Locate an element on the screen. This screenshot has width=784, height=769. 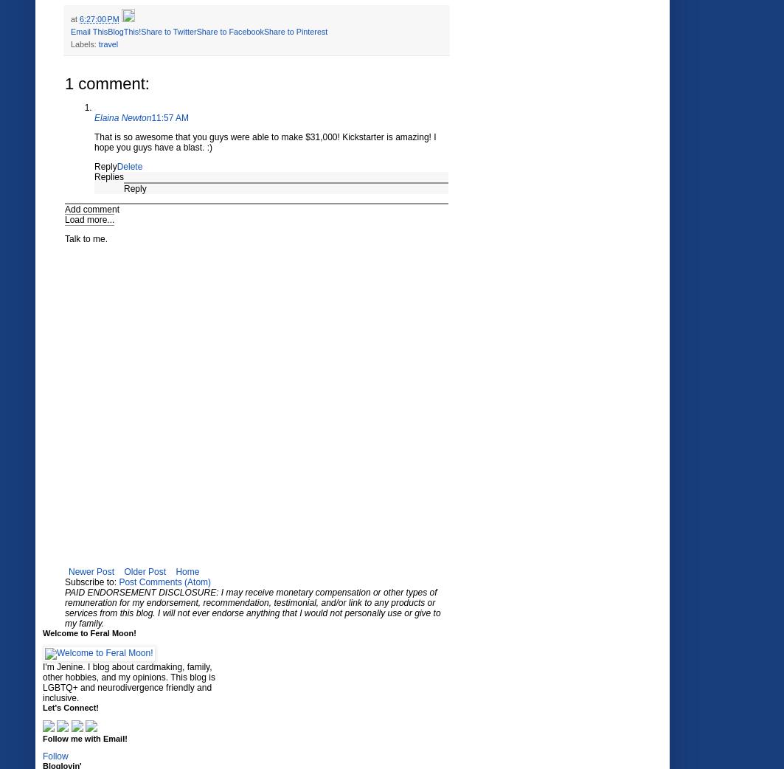
'1 comment:' is located at coordinates (106, 83).